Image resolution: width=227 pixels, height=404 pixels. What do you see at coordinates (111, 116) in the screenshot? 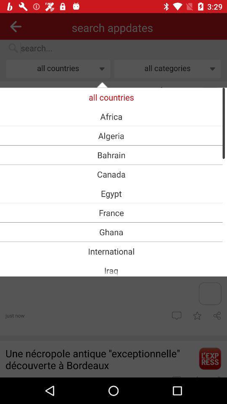
I see `the africa item` at bounding box center [111, 116].